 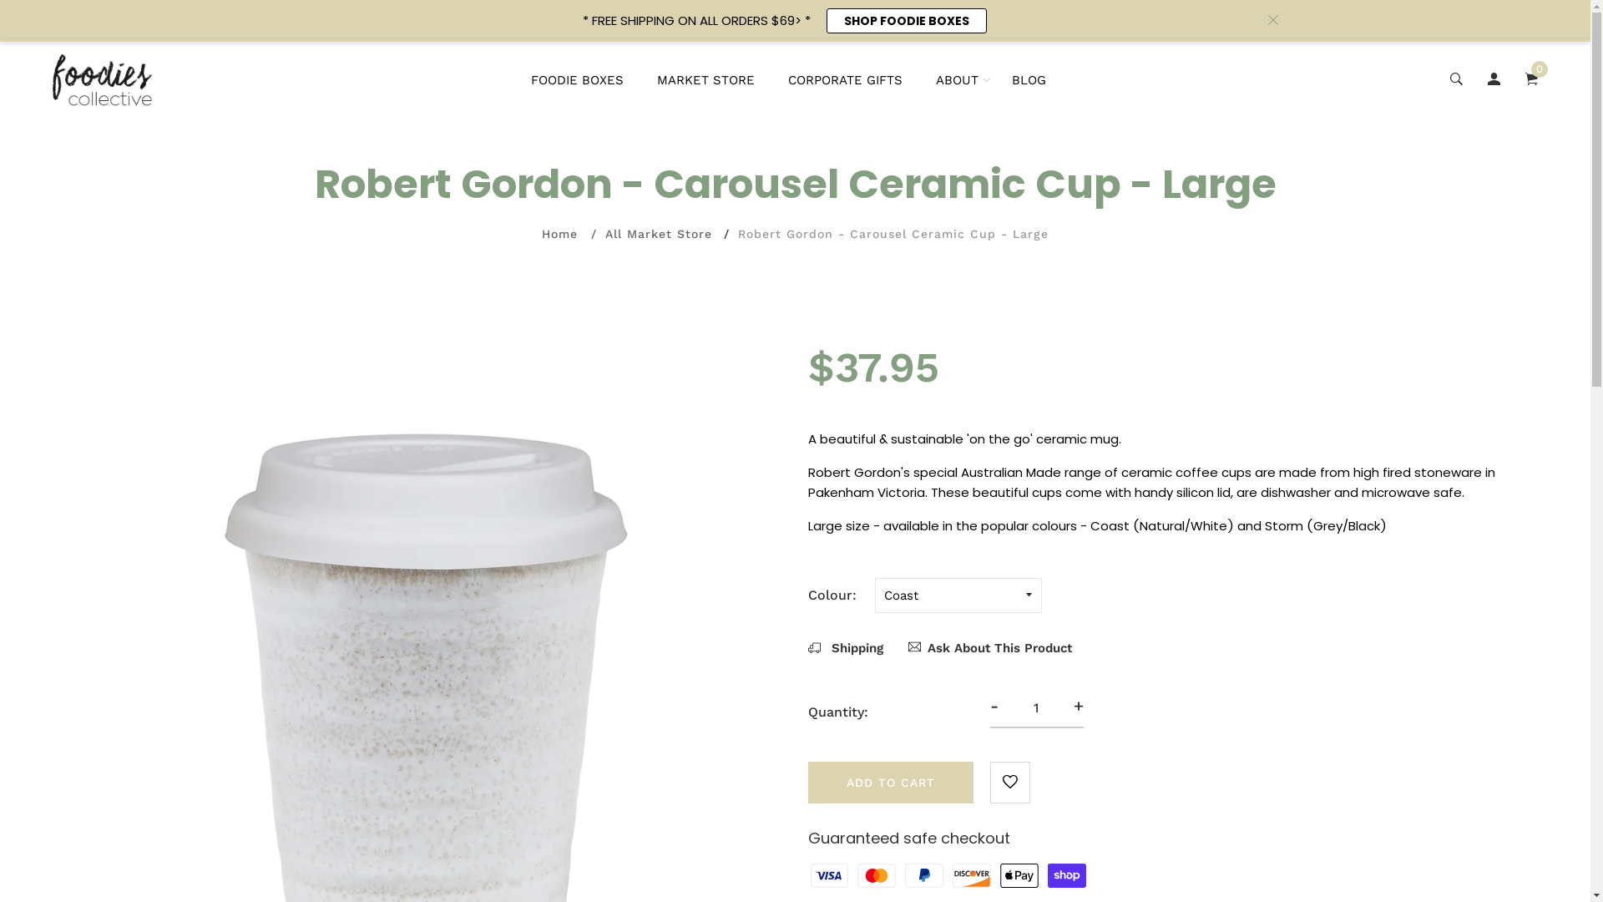 What do you see at coordinates (705, 80) in the screenshot?
I see `'MARKET STORE'` at bounding box center [705, 80].